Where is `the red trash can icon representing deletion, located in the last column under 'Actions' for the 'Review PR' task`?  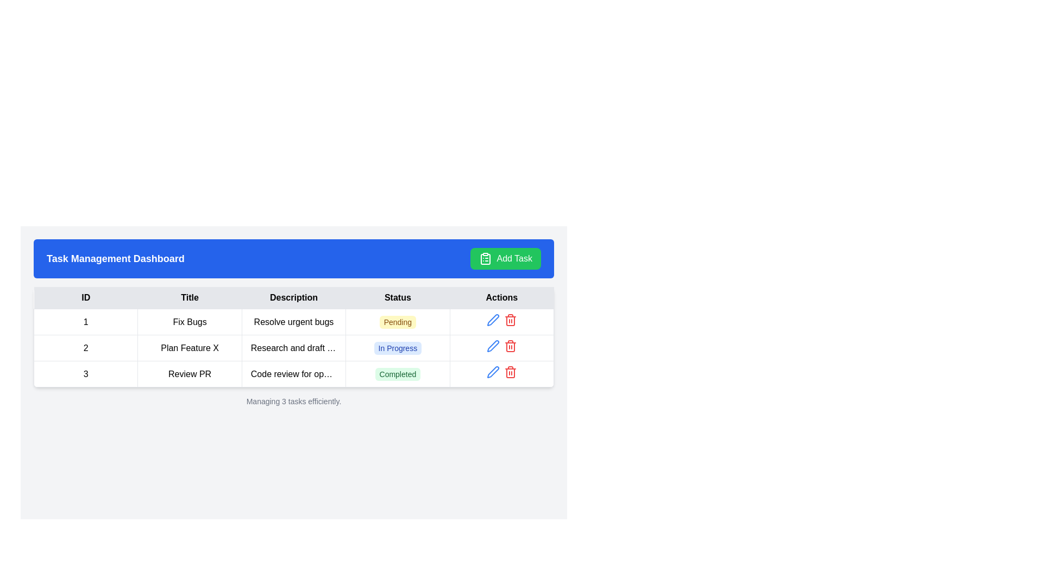 the red trash can icon representing deletion, located in the last column under 'Actions' for the 'Review PR' task is located at coordinates (510, 320).